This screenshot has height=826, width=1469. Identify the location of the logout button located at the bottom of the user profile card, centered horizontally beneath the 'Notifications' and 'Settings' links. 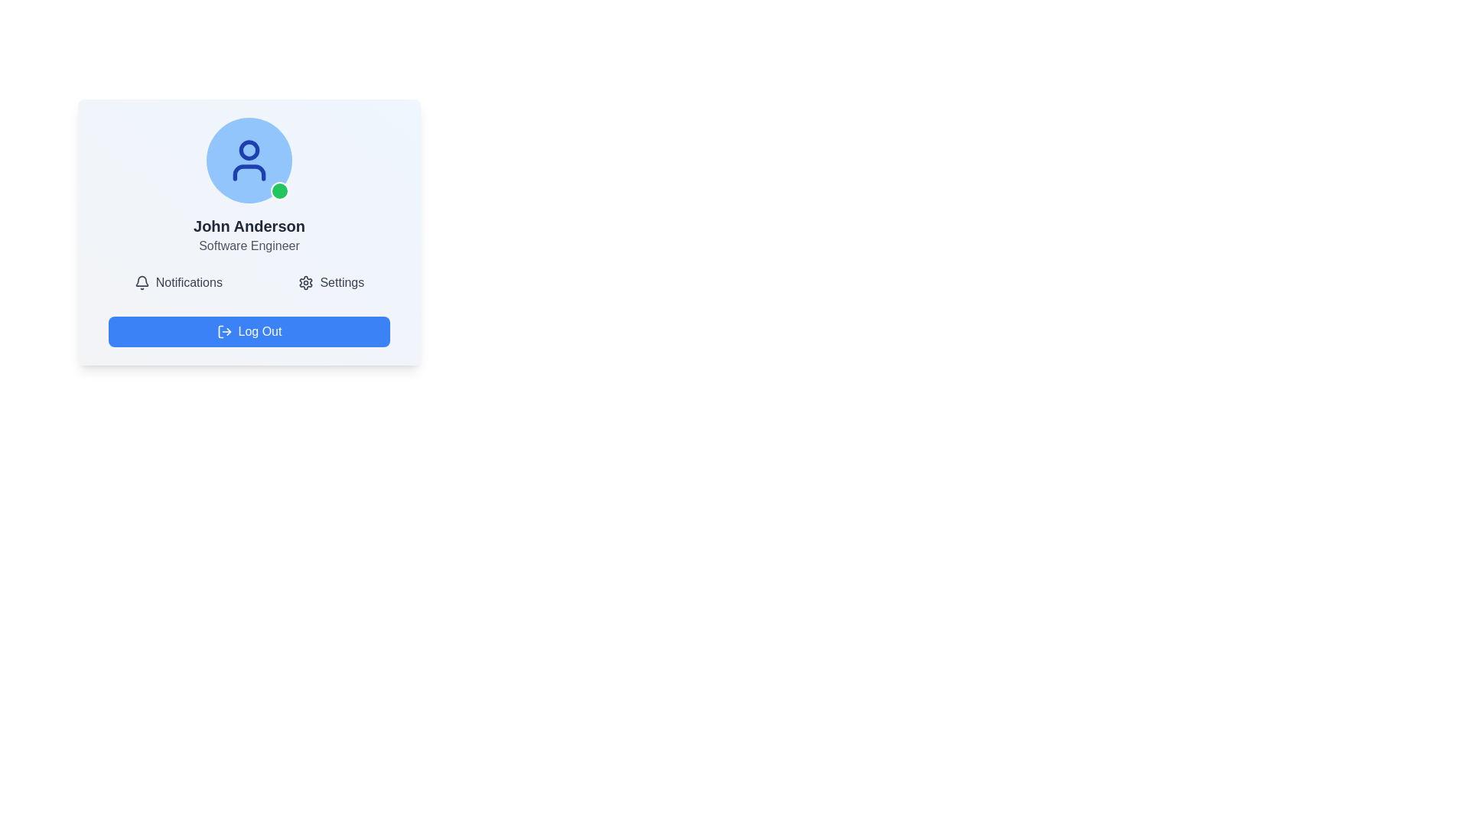
(249, 331).